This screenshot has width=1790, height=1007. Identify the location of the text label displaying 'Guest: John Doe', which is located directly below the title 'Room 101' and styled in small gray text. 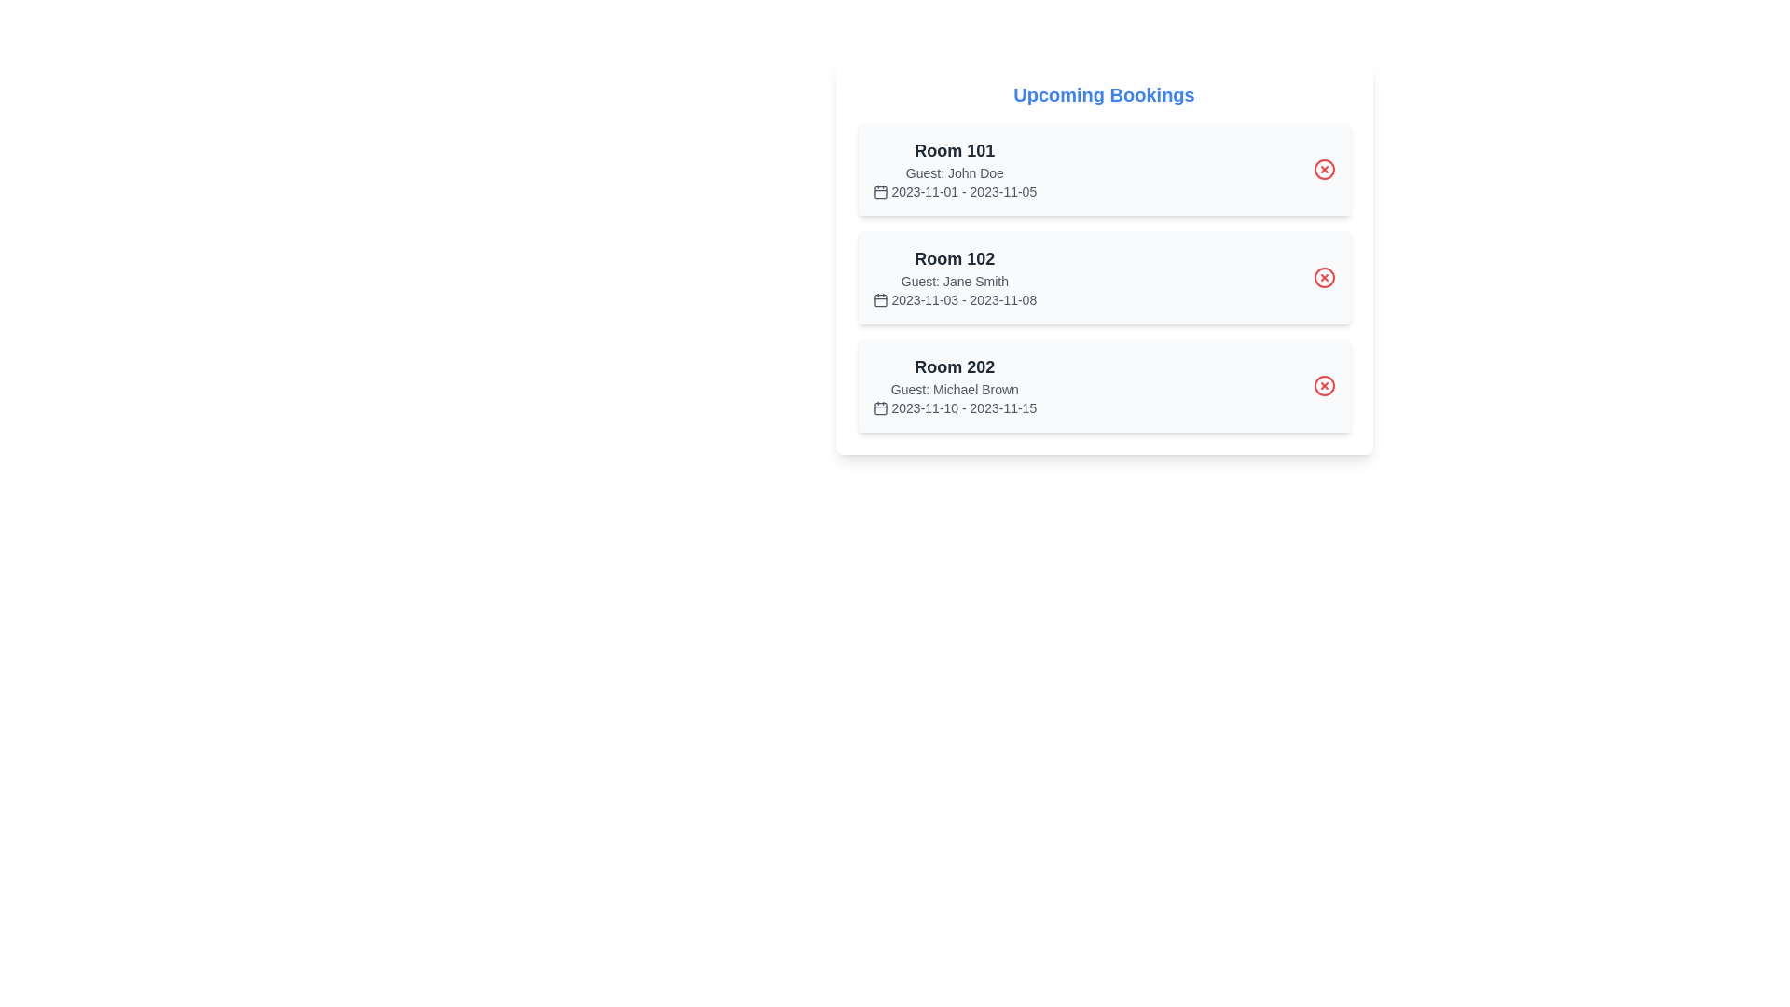
(955, 172).